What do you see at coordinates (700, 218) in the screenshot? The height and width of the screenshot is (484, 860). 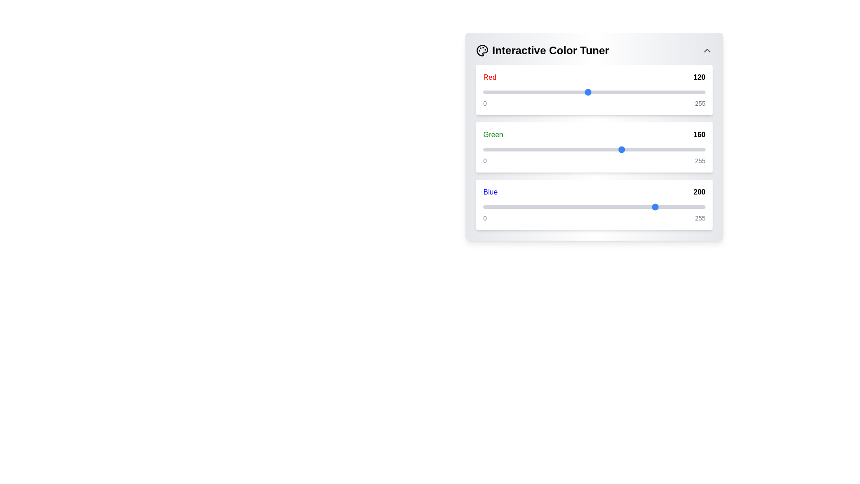 I see `the static label displaying the number '255' in a gray font located in the 'Blue' color adjustment section, next to the blue color intensity slider` at bounding box center [700, 218].